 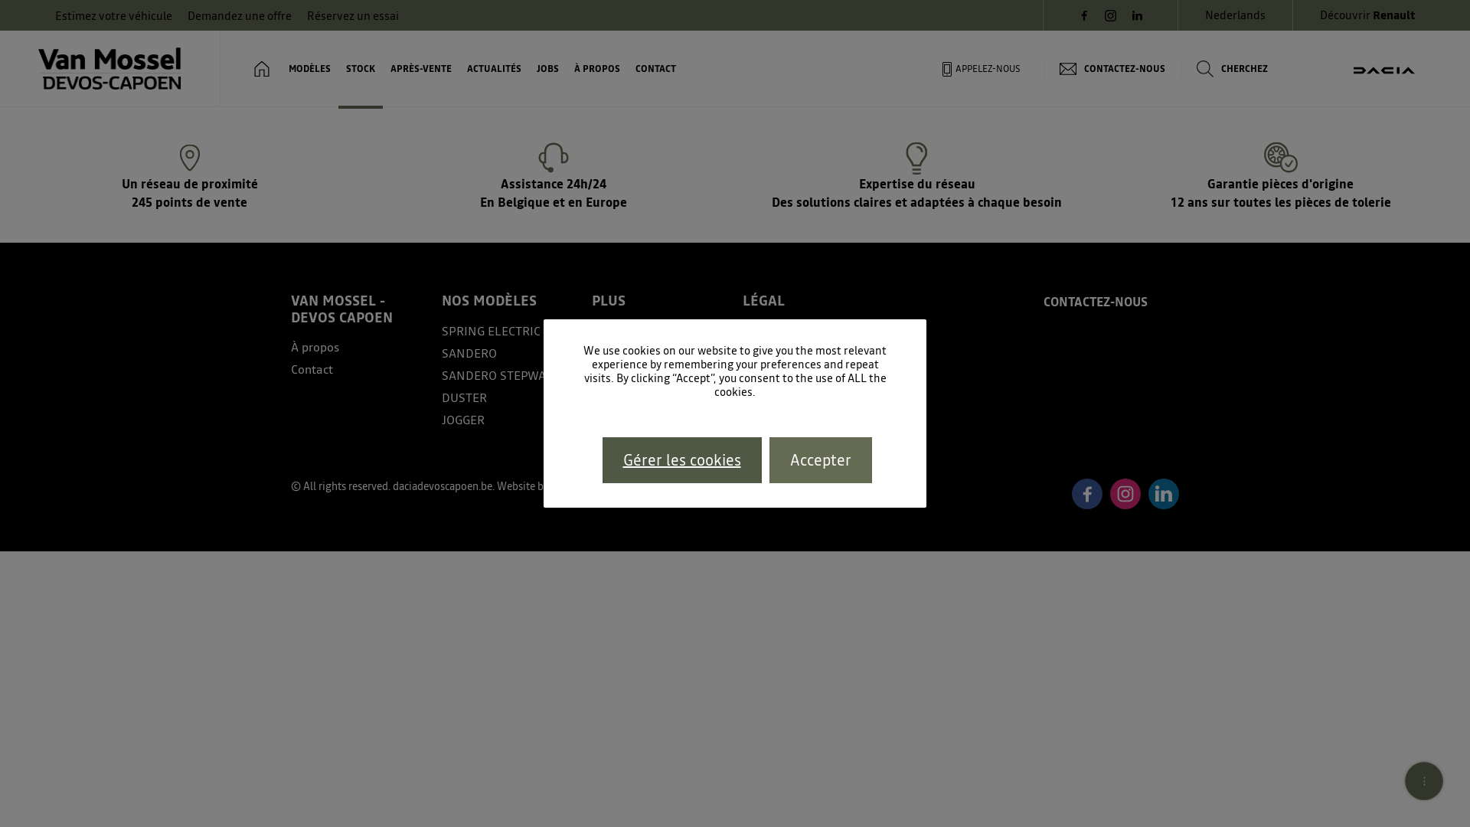 I want to click on 'Nederlands', so click(x=1204, y=15).